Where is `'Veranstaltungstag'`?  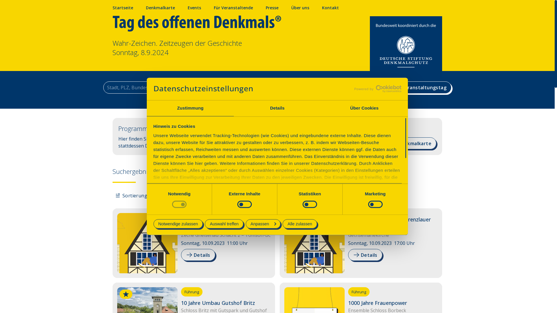
'Veranstaltungstag' is located at coordinates (390, 87).